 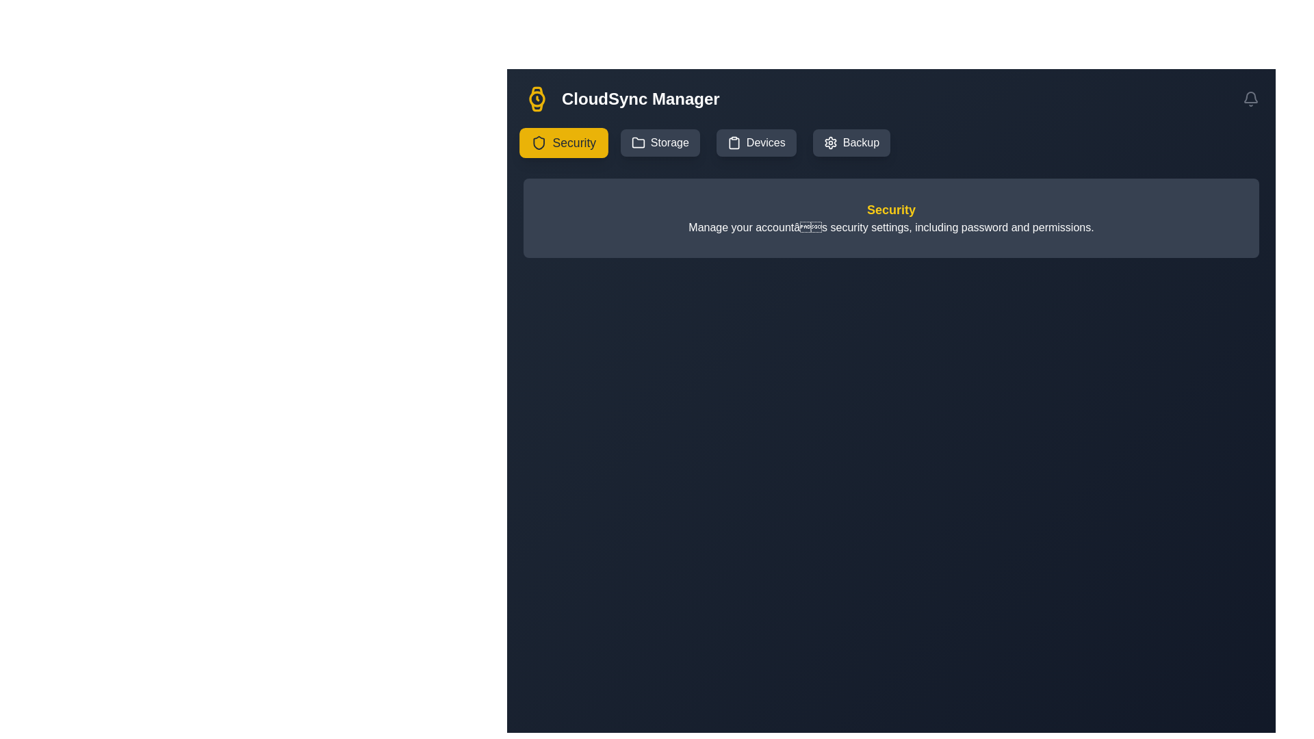 What do you see at coordinates (621, 99) in the screenshot?
I see `the 'CloudSync Manager' text label or the yellow watch icon for potential interactivity, such as navigation or revealing additional information` at bounding box center [621, 99].